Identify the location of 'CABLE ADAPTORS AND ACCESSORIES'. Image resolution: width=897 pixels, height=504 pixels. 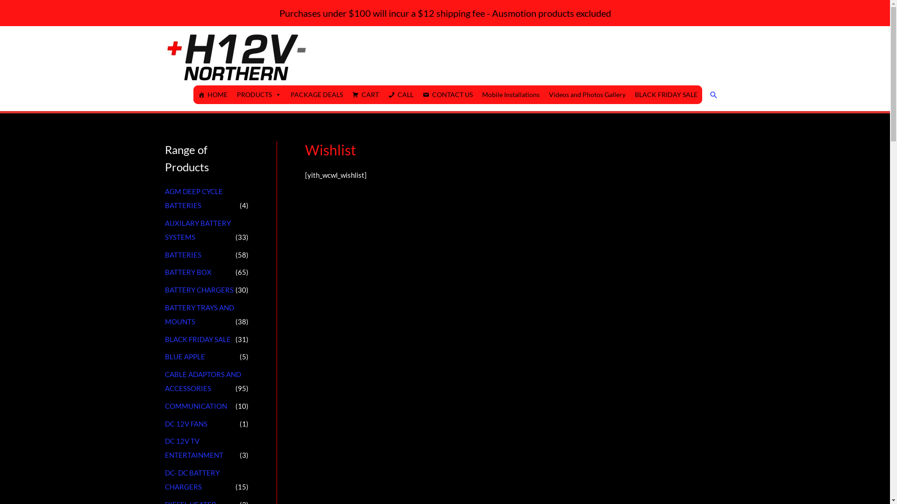
(202, 381).